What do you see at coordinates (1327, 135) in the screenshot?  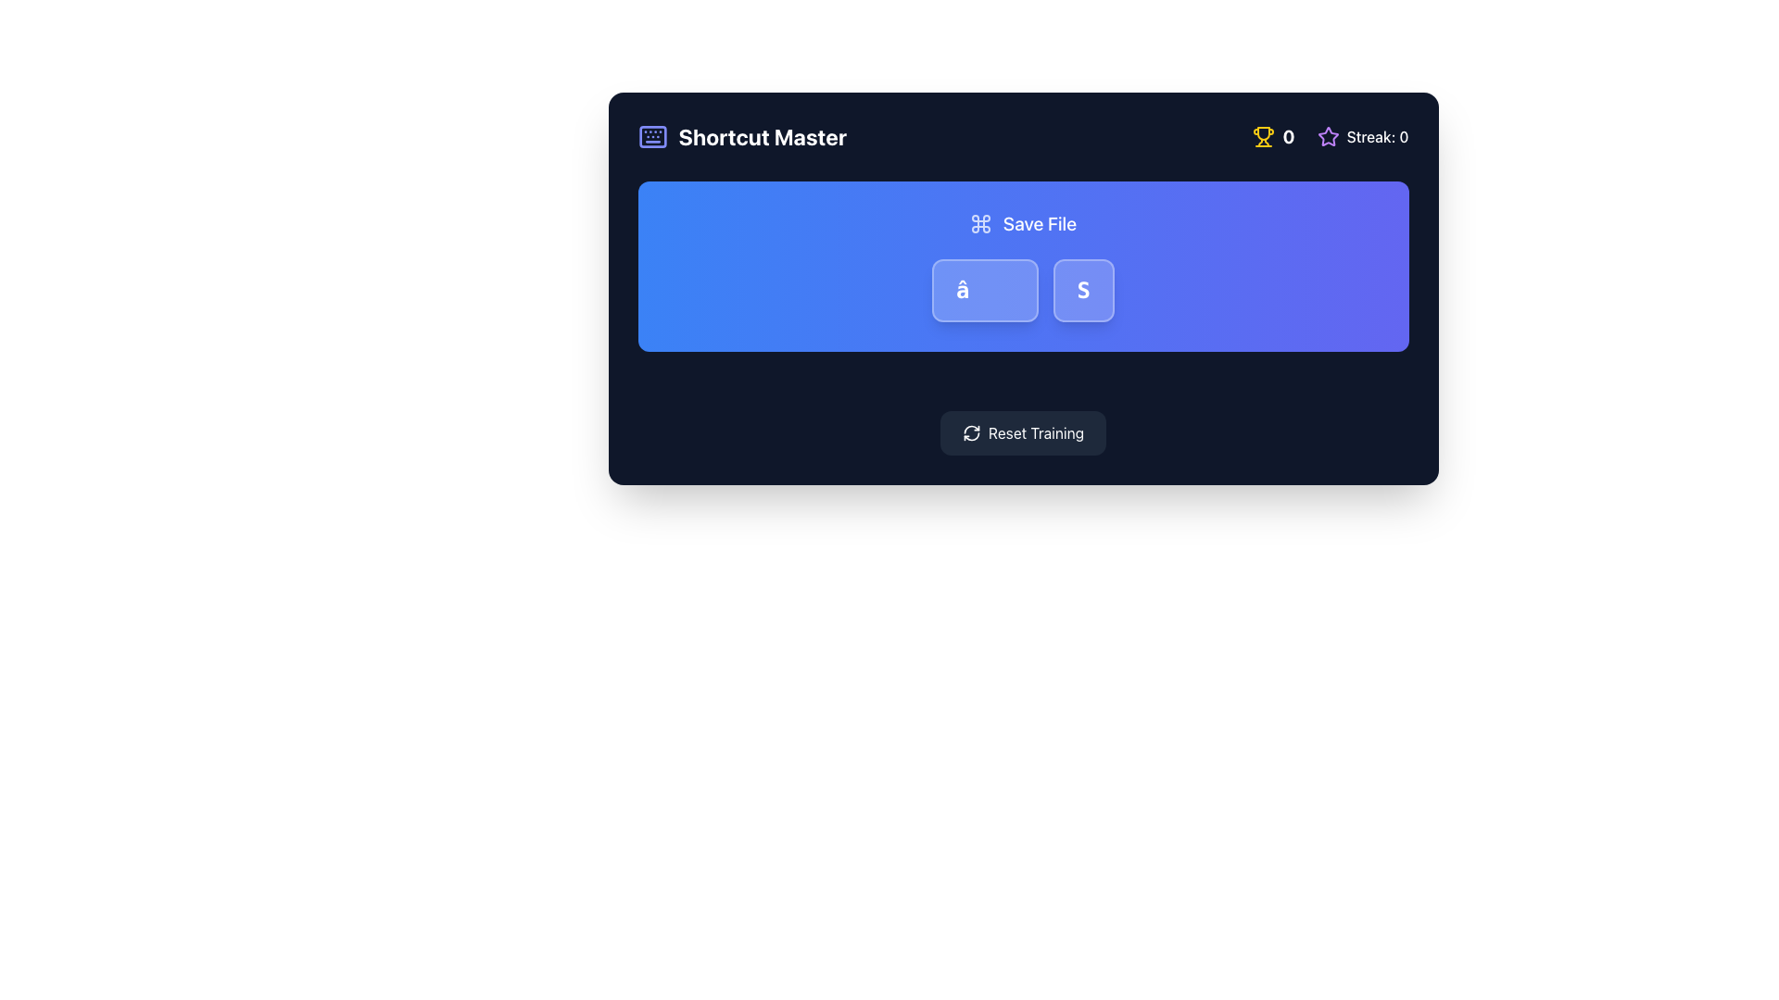 I see `the star icon located in the top-right corner of the interface, which serves as a visual cue for a streak or reward system, adjacent to the text 'Streak: 0'` at bounding box center [1327, 135].